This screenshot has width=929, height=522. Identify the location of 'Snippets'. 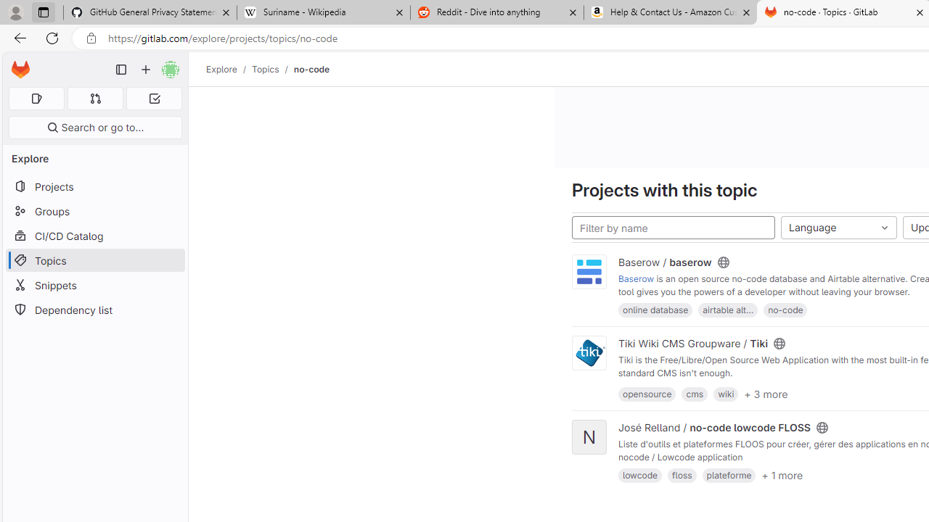
(94, 285).